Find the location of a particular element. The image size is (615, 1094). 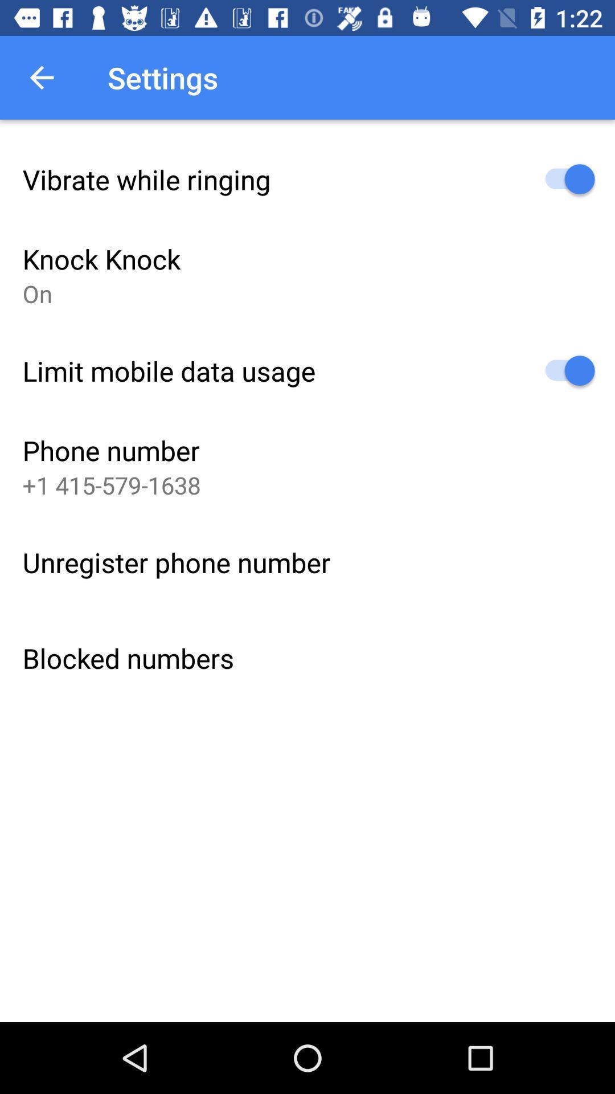

on item is located at coordinates (36, 293).